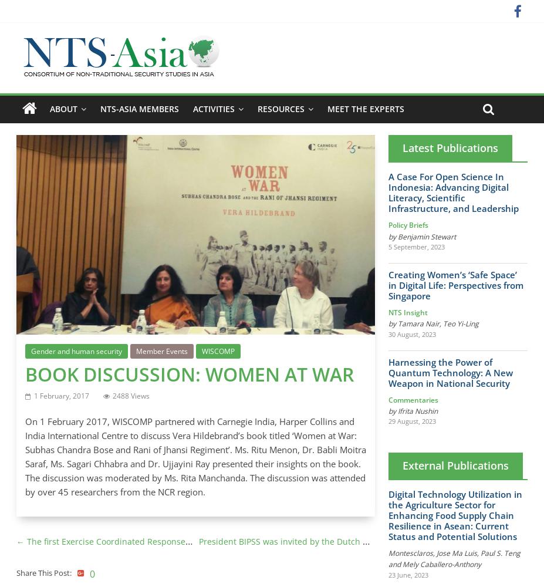 This screenshot has width=544, height=587. I want to click on 'Member Events', so click(161, 350).